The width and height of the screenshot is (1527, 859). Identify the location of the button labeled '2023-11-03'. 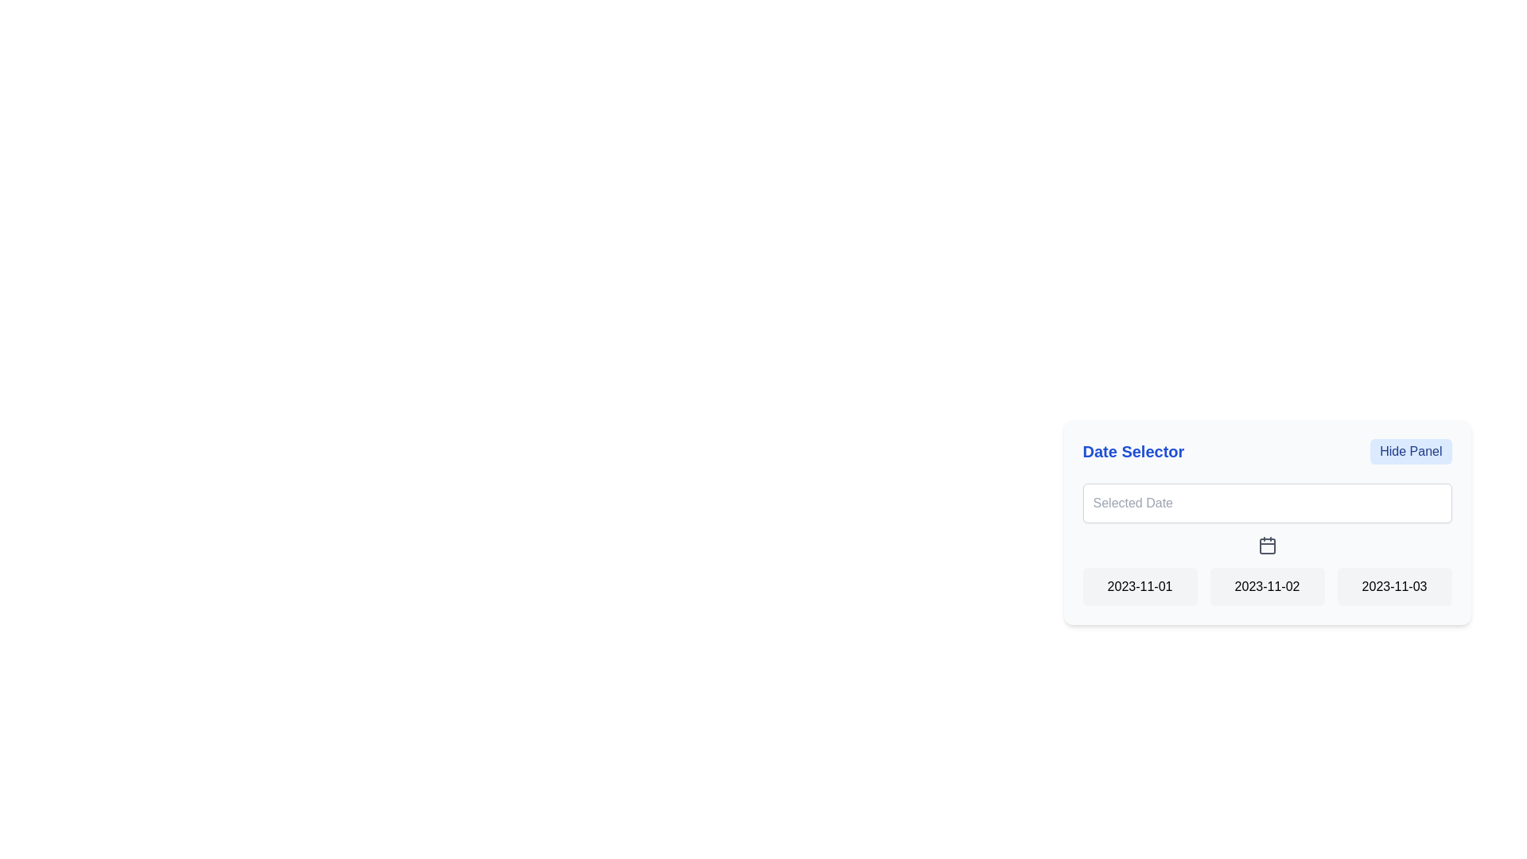
(1393, 586).